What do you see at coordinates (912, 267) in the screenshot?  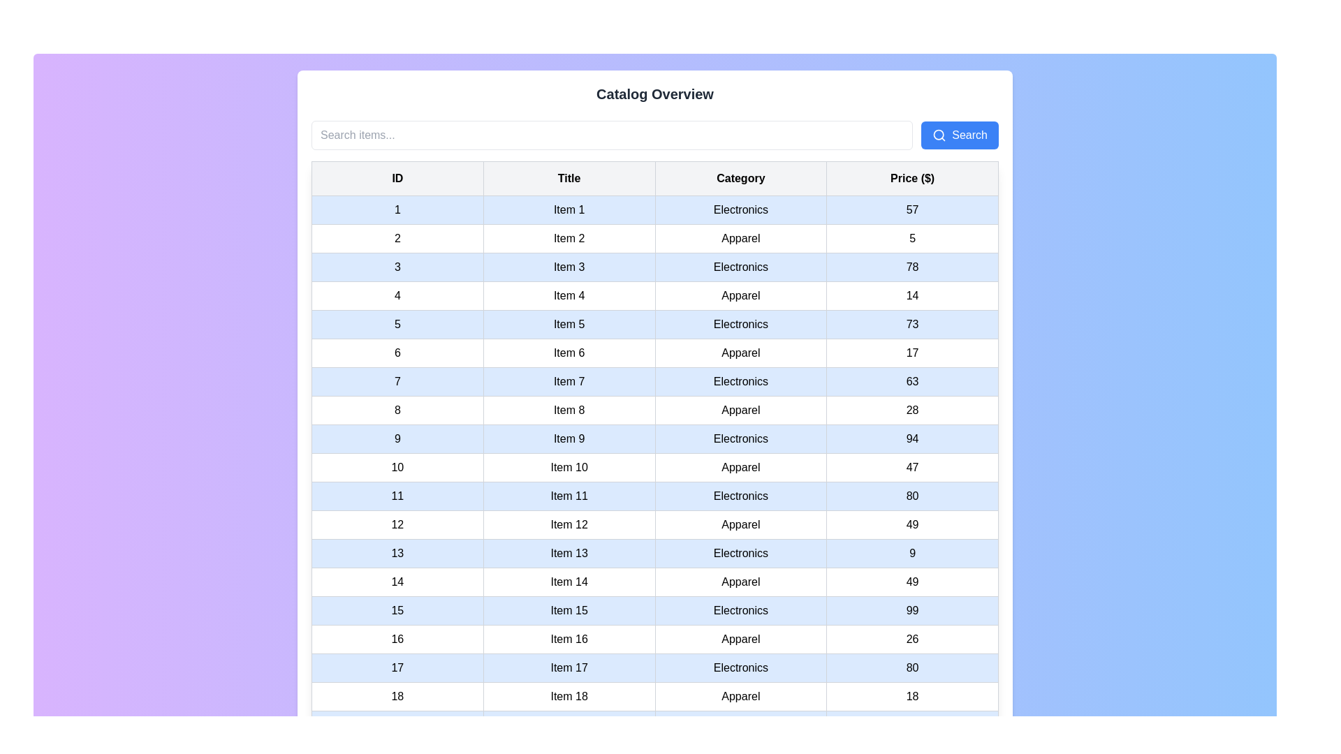 I see `the price data cell located in the fourth column of the third row of the table to focus on it` at bounding box center [912, 267].